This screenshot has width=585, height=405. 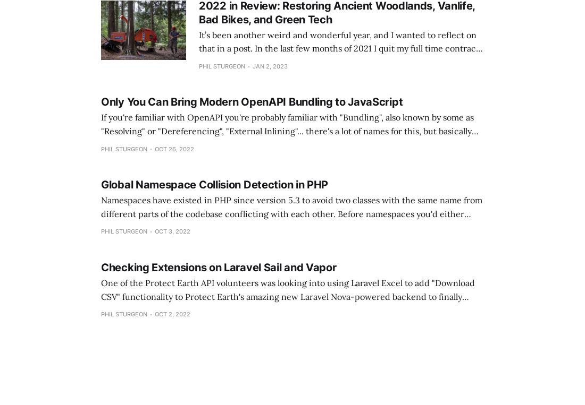 What do you see at coordinates (251, 101) in the screenshot?
I see `'Only You Can Bring Modern OpenAPI Bundling to JavaScript'` at bounding box center [251, 101].